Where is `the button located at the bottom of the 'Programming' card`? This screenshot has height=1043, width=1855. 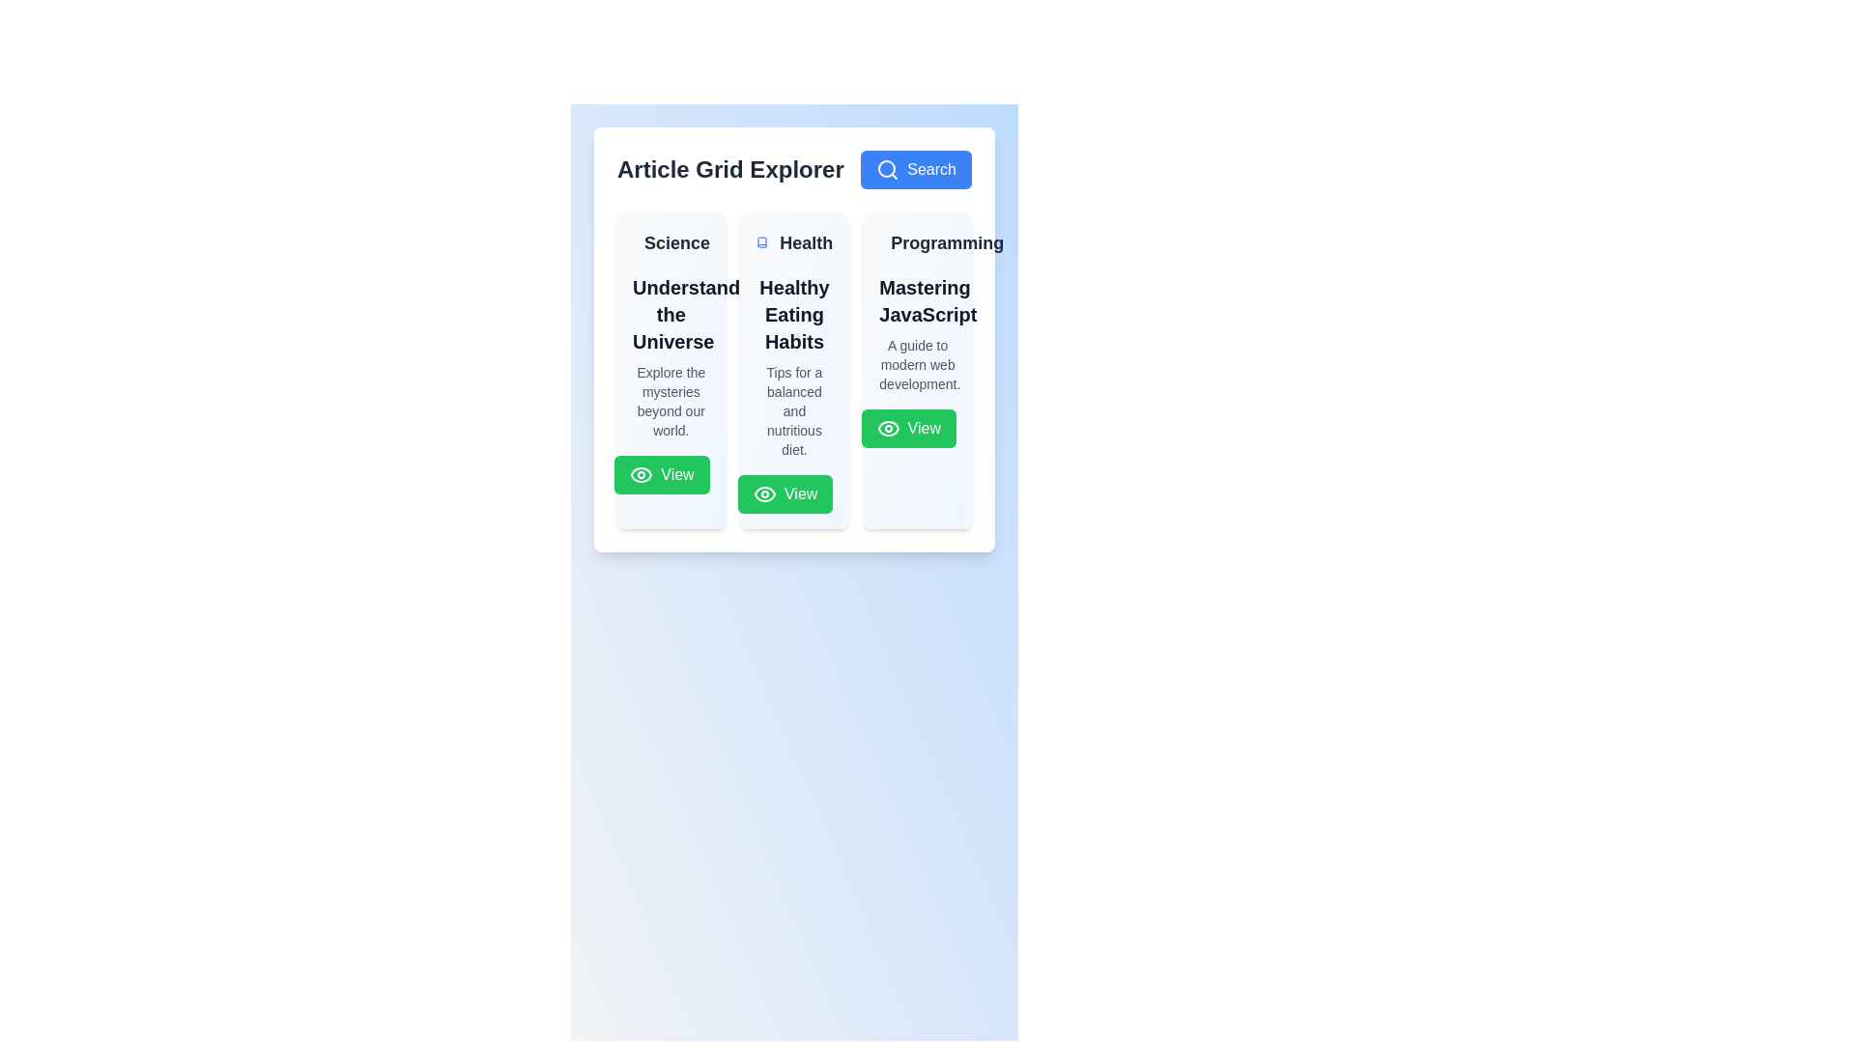
the button located at the bottom of the 'Programming' card is located at coordinates (907, 427).